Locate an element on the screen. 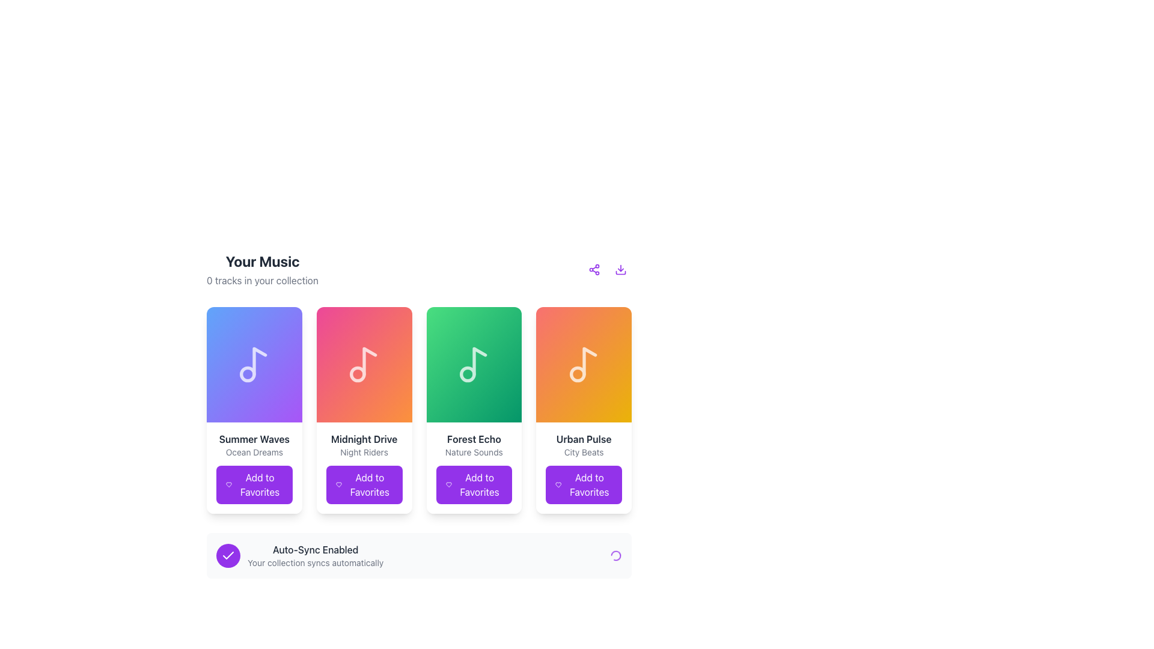 The image size is (1154, 649). text label displaying 'Summer Waves' which is bold and gray-black, located at the top of the first card in a row of four cards is located at coordinates (254, 439).